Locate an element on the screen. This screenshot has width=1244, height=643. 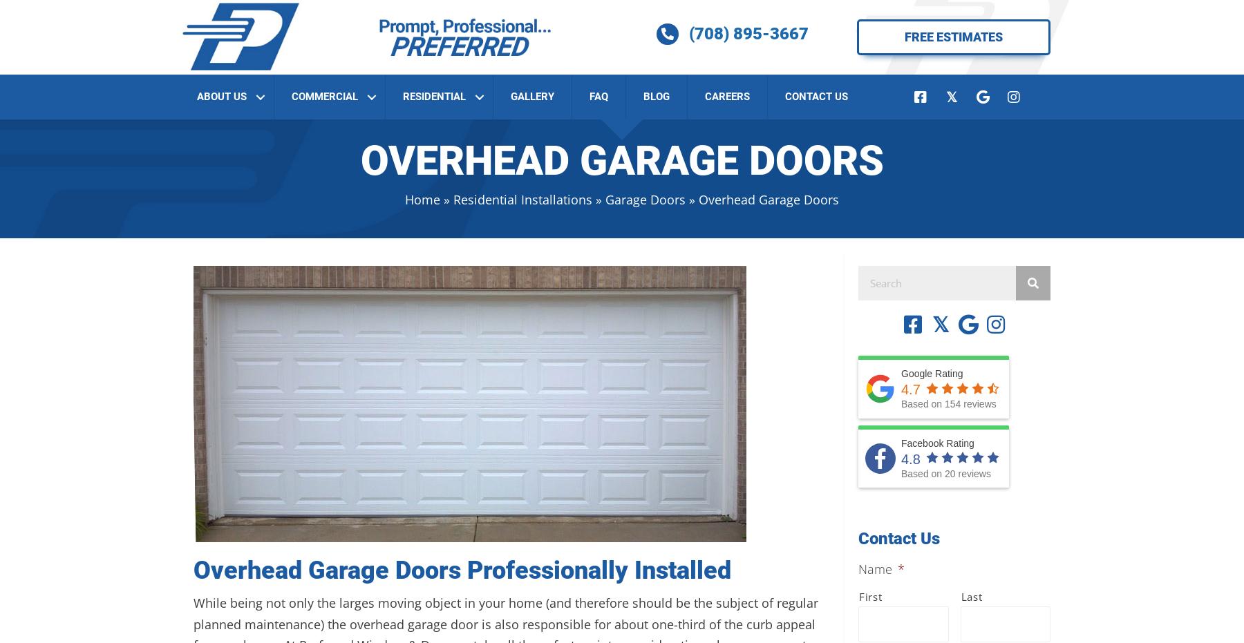
'Facebook Rating' is located at coordinates (936, 442).